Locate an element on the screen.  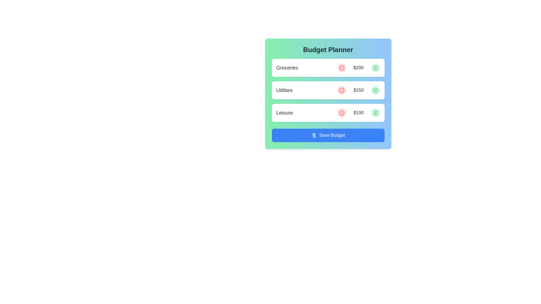
the button inside the green circular area is located at coordinates (375, 90).